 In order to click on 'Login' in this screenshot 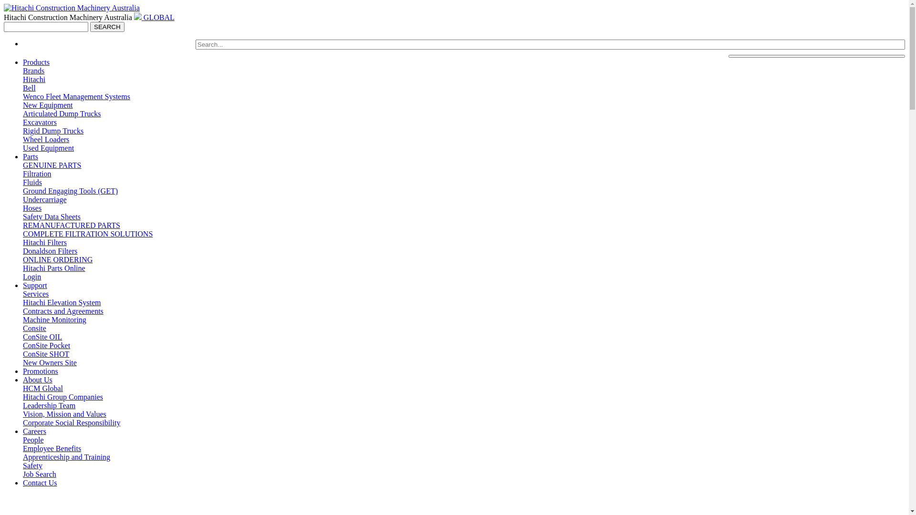, I will do `click(32, 277)`.